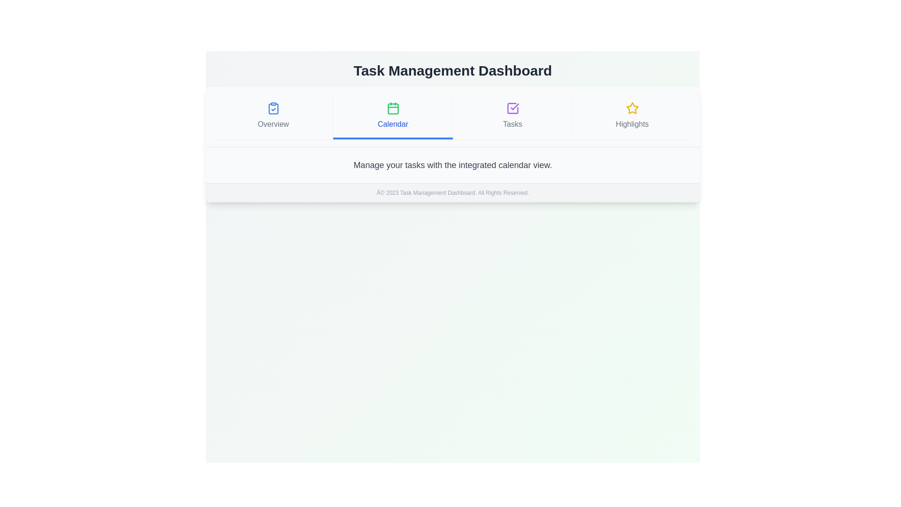  I want to click on the Navigation tab located on the far right side of the top navigation bar, so click(632, 115).